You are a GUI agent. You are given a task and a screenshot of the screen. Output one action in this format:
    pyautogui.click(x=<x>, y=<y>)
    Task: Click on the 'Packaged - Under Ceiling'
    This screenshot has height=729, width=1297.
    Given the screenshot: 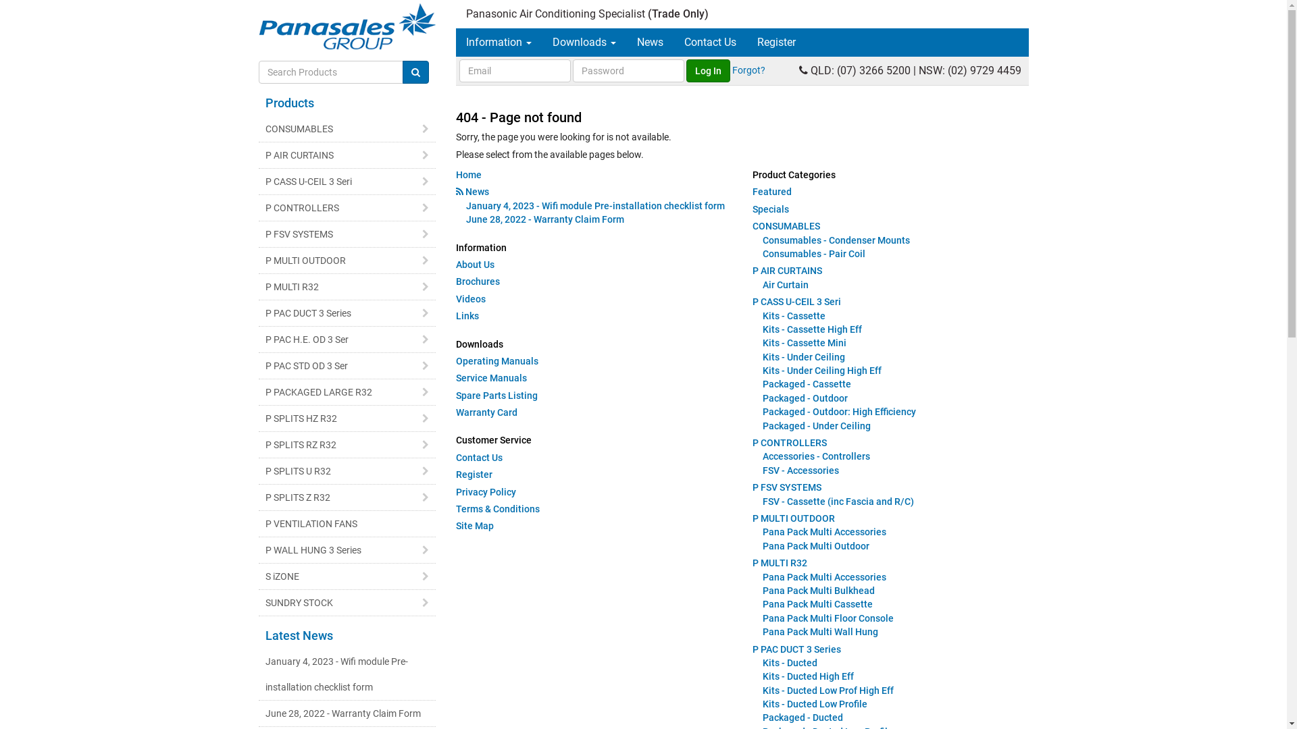 What is the action you would take?
    pyautogui.click(x=816, y=426)
    